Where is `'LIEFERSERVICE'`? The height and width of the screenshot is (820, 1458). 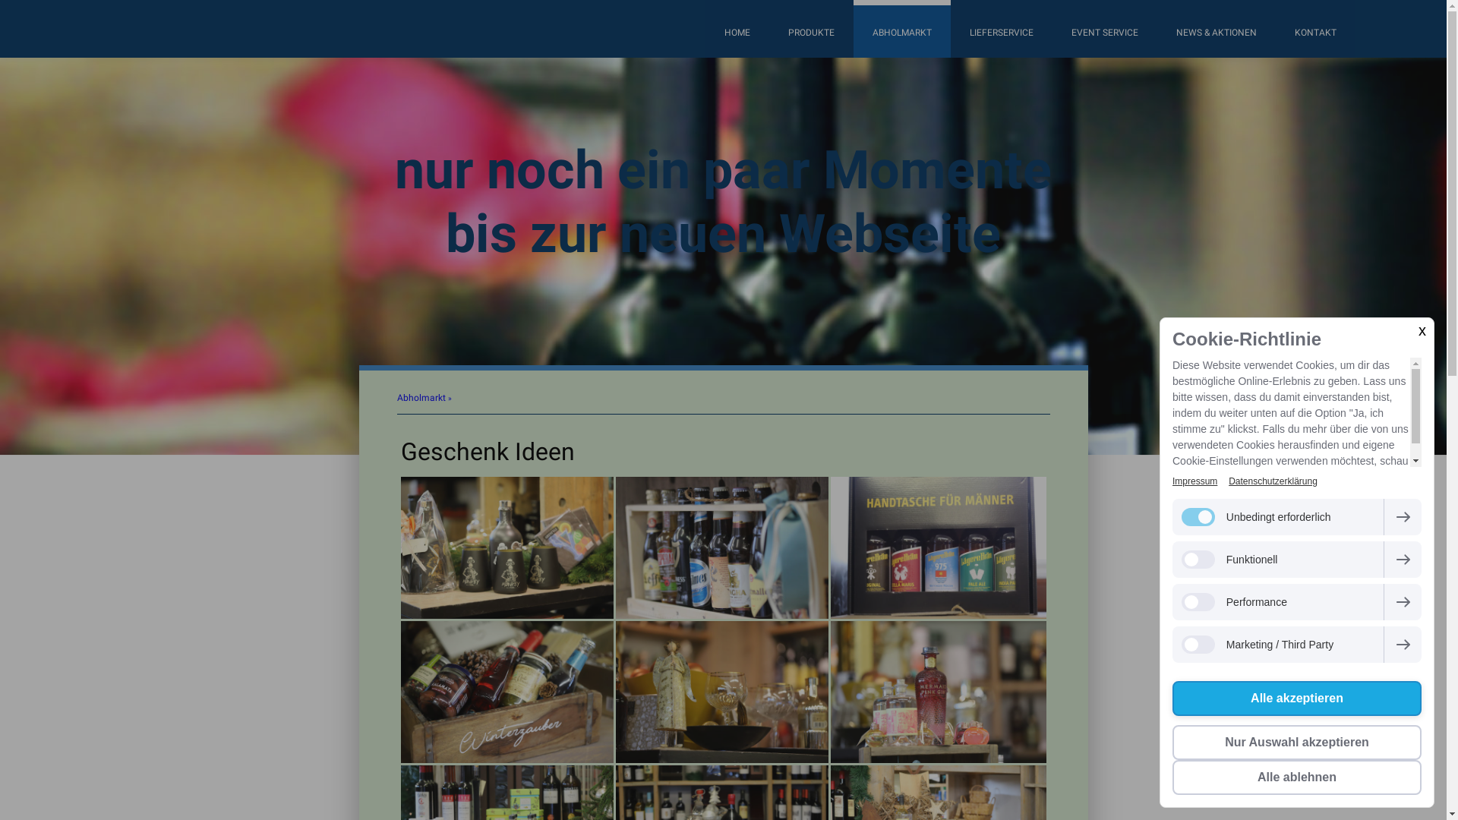
'LIEFERSERVICE' is located at coordinates (950, 29).